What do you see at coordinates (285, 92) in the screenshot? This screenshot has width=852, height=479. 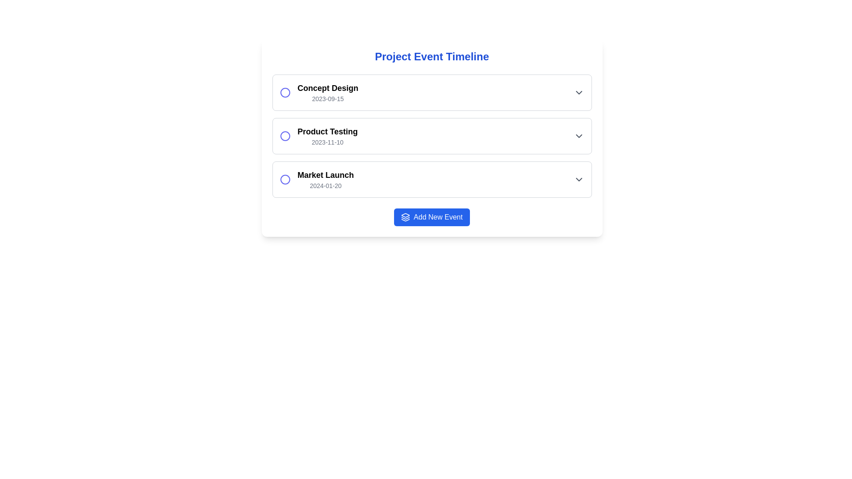 I see `the first circular icon representing the status or selection marker for the 'Concept Design' event, located to the left of the text content` at bounding box center [285, 92].